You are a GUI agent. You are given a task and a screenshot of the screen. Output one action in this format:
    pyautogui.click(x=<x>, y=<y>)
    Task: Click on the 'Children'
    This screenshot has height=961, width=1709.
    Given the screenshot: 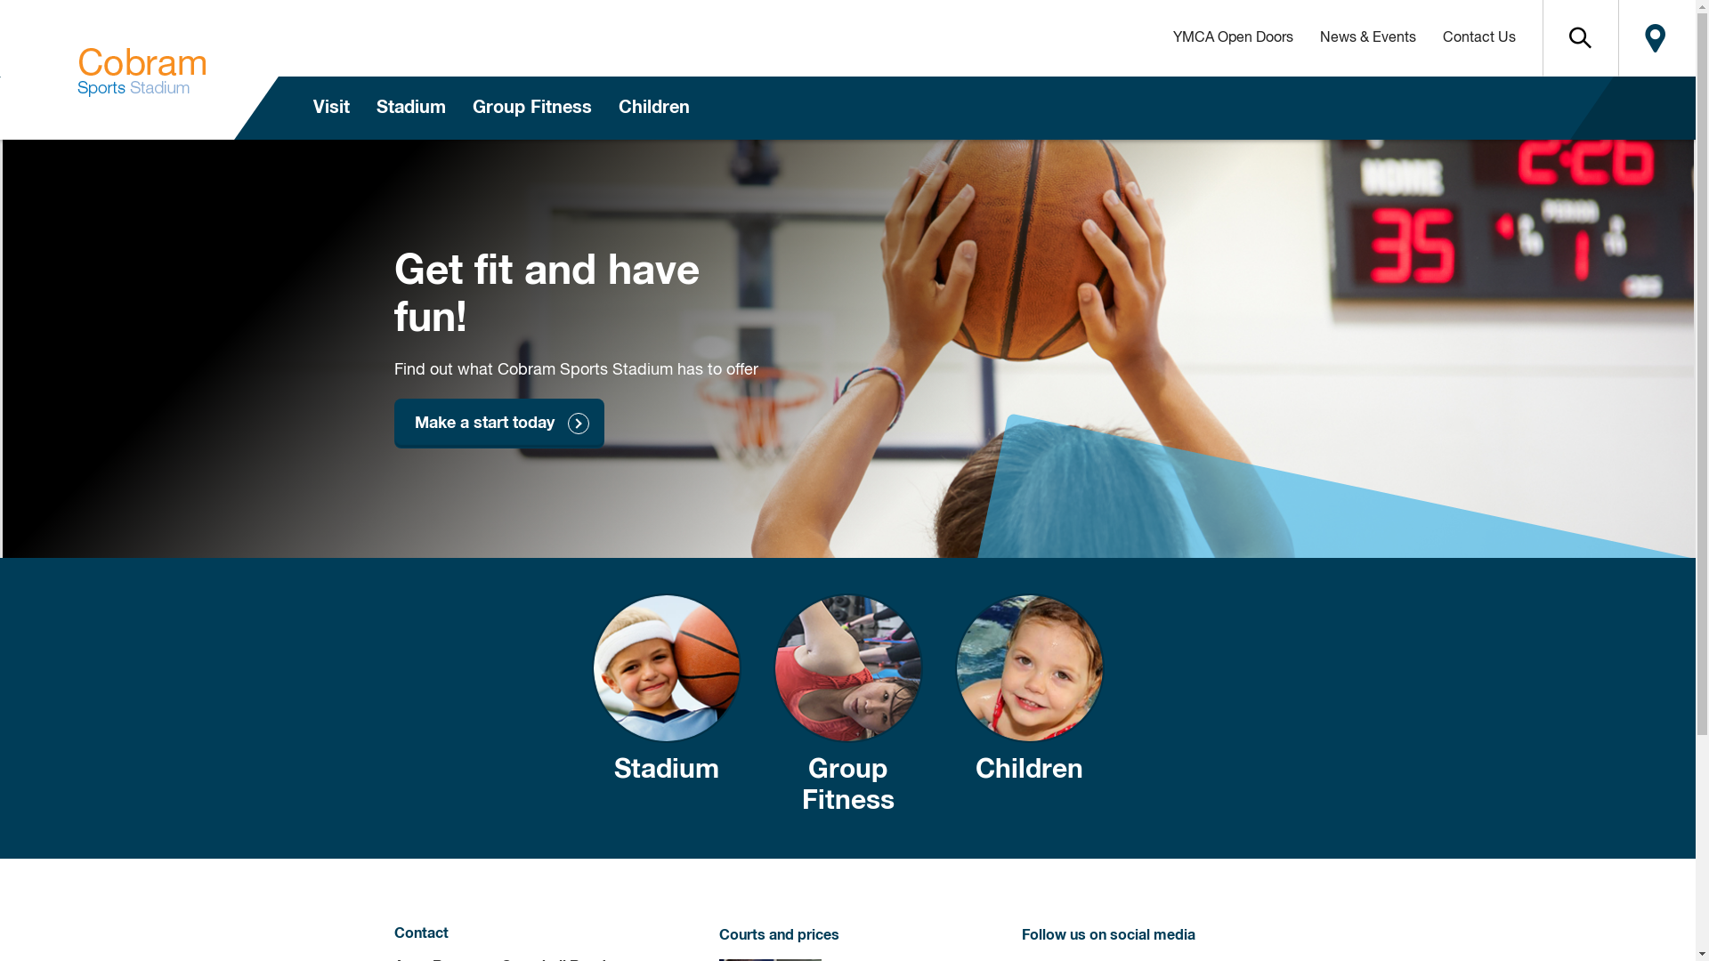 What is the action you would take?
    pyautogui.click(x=1029, y=707)
    